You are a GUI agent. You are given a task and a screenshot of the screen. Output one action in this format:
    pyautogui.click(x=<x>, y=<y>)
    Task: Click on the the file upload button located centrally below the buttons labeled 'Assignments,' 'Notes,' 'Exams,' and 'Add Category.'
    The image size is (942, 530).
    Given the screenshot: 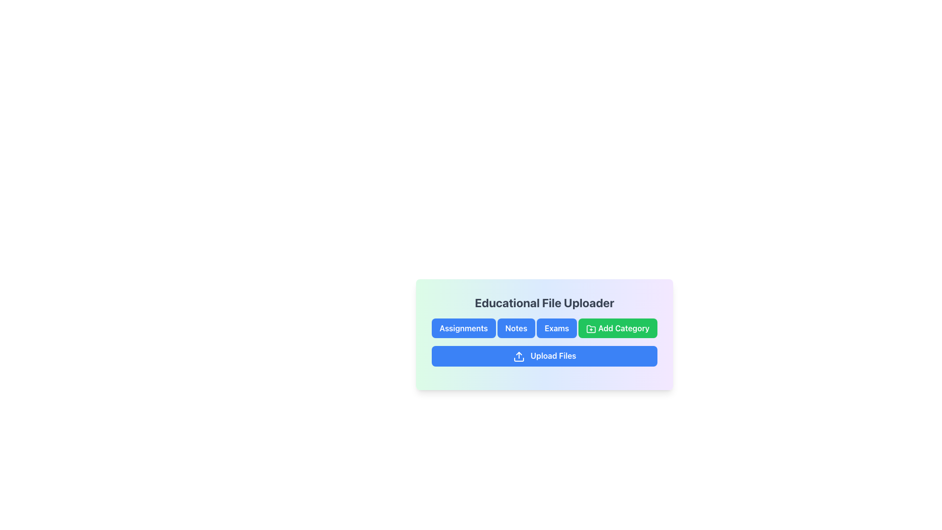 What is the action you would take?
    pyautogui.click(x=544, y=356)
    